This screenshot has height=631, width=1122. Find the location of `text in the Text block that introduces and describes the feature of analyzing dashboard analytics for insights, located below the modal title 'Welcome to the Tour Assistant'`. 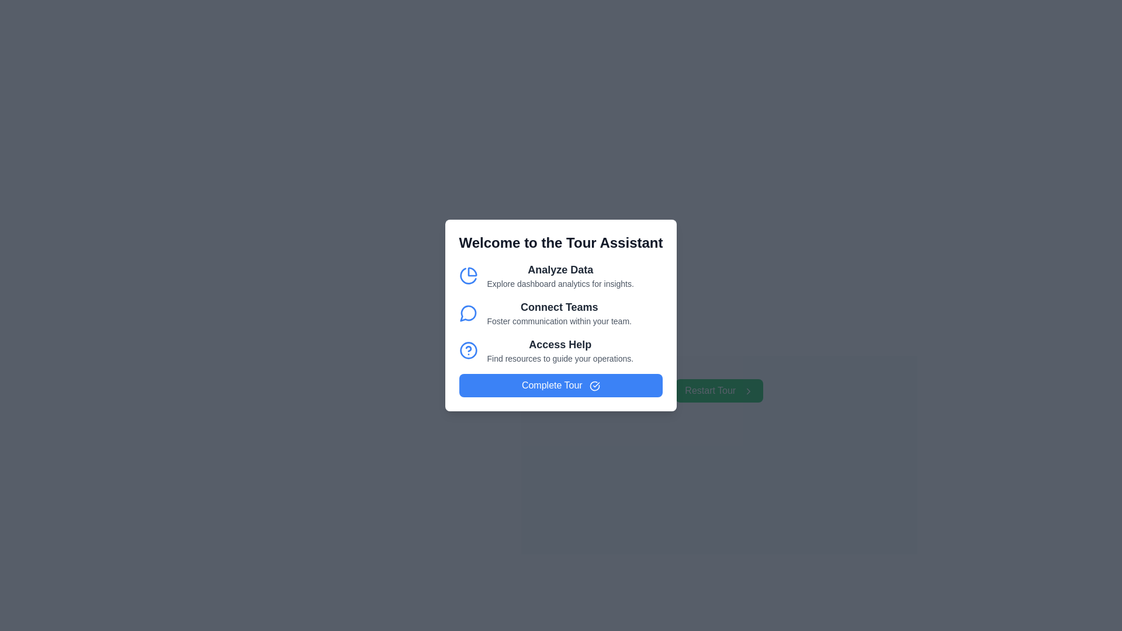

text in the Text block that introduces and describes the feature of analyzing dashboard analytics for insights, located below the modal title 'Welcome to the Tour Assistant' is located at coordinates (560, 275).